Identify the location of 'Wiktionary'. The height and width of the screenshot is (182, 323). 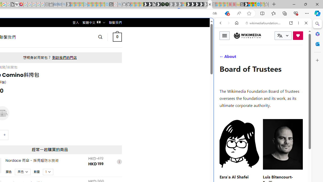
(261, 169).